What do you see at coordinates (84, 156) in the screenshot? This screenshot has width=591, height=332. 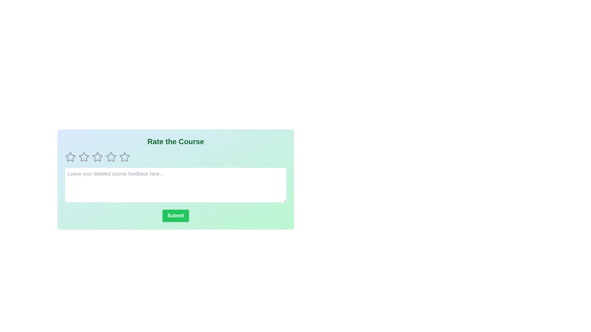 I see `the course rating to 2 stars by clicking on the corresponding star` at bounding box center [84, 156].